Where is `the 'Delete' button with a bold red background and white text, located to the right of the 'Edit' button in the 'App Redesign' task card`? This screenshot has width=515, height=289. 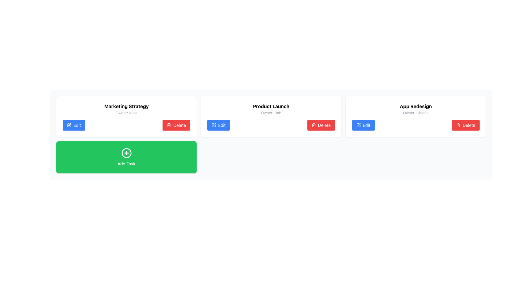
the 'Delete' button with a bold red background and white text, located to the right of the 'Edit' button in the 'App Redesign' task card is located at coordinates (465, 125).